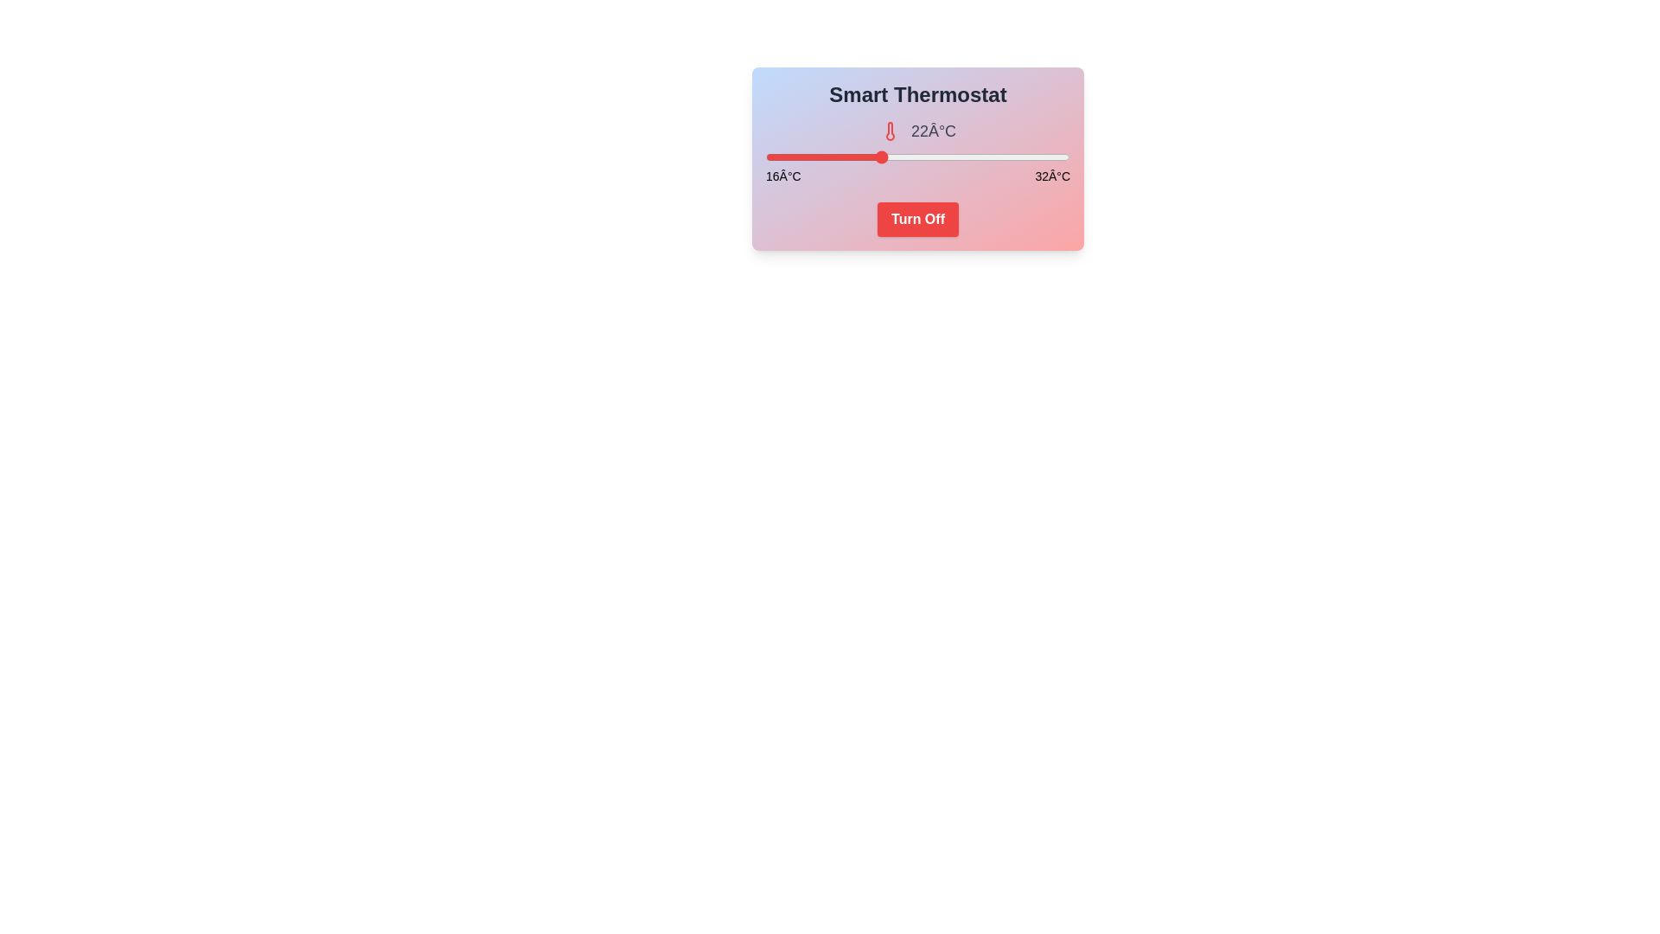 This screenshot has height=934, width=1660. I want to click on the temperature slider to 21°C, so click(861, 157).